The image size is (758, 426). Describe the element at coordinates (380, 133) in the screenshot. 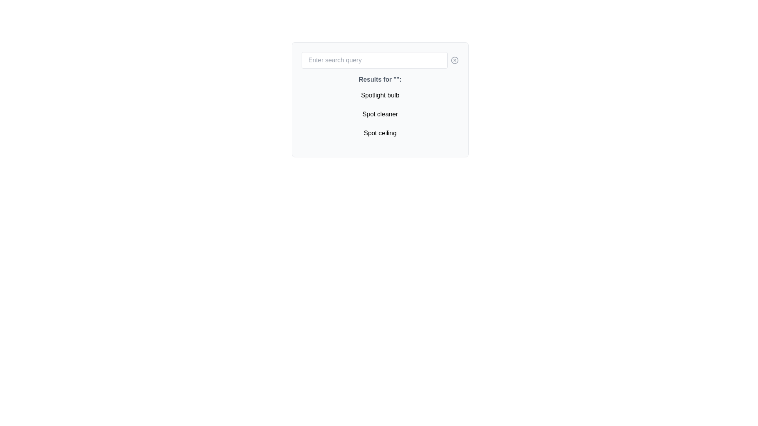

I see `the fourth character 'i' in the word 'ceiling' of the search result 'Spot ceiling', which is part of the third list item` at that location.